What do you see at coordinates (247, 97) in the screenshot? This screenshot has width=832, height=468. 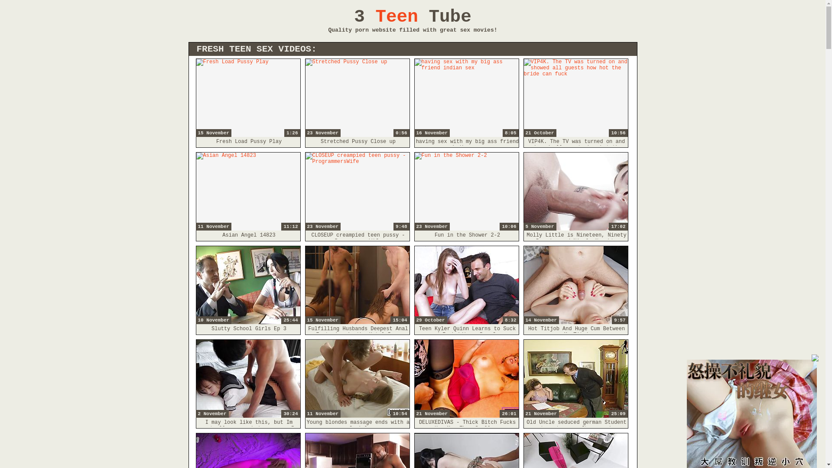 I see `'1:26` at bounding box center [247, 97].